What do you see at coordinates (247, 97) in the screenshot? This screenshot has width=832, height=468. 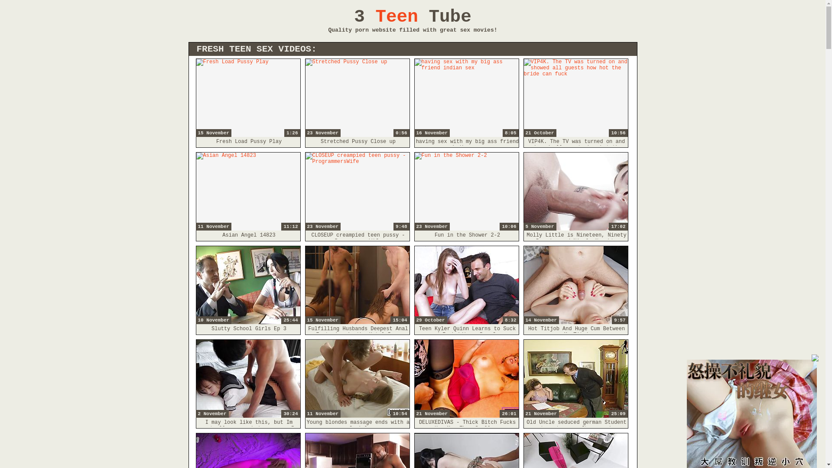 I see `'1:26` at bounding box center [247, 97].